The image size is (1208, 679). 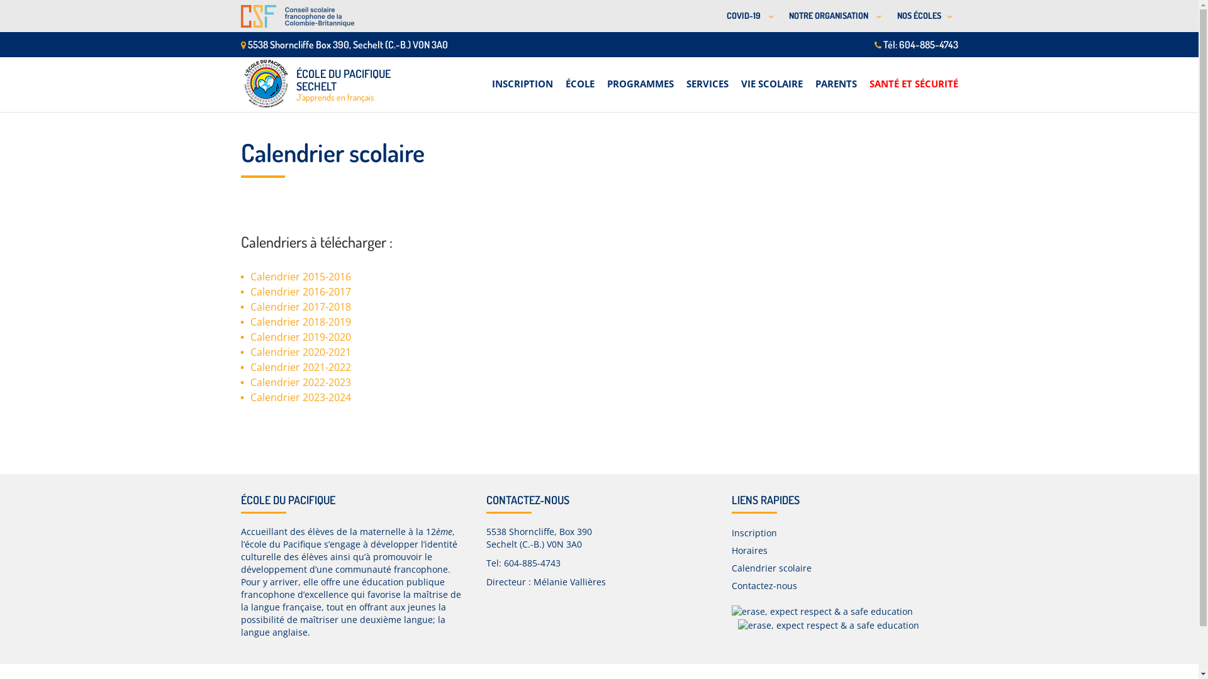 I want to click on 'COVID-19 ', so click(x=716, y=16).